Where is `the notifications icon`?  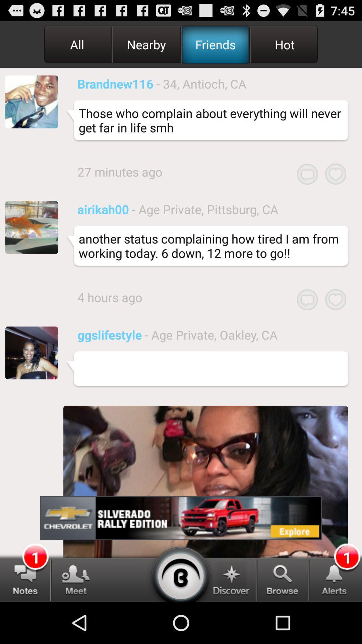 the notifications icon is located at coordinates (335, 620).